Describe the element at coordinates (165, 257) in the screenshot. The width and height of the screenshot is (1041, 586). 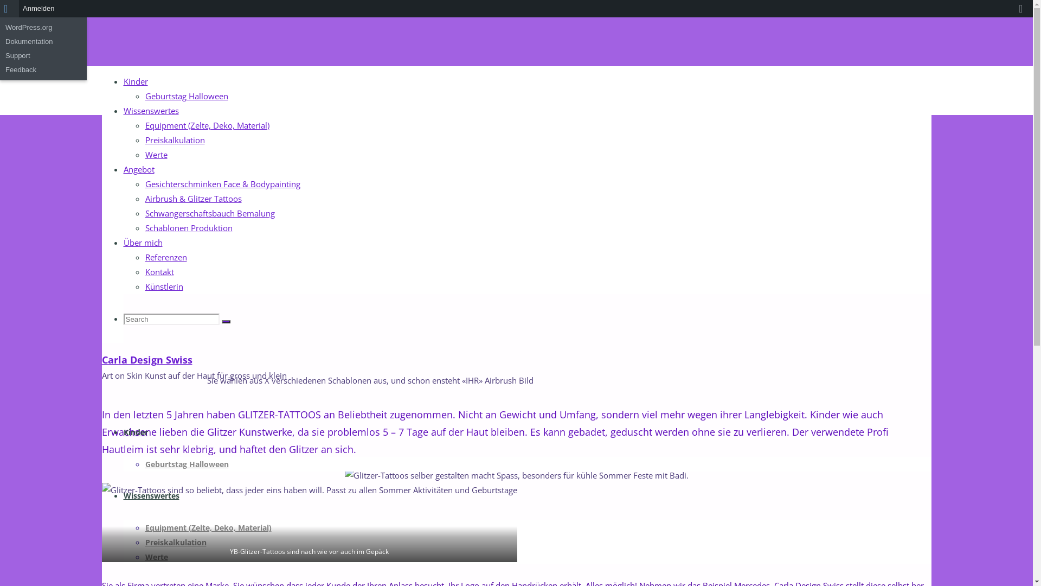
I see `'Referenzen'` at that location.